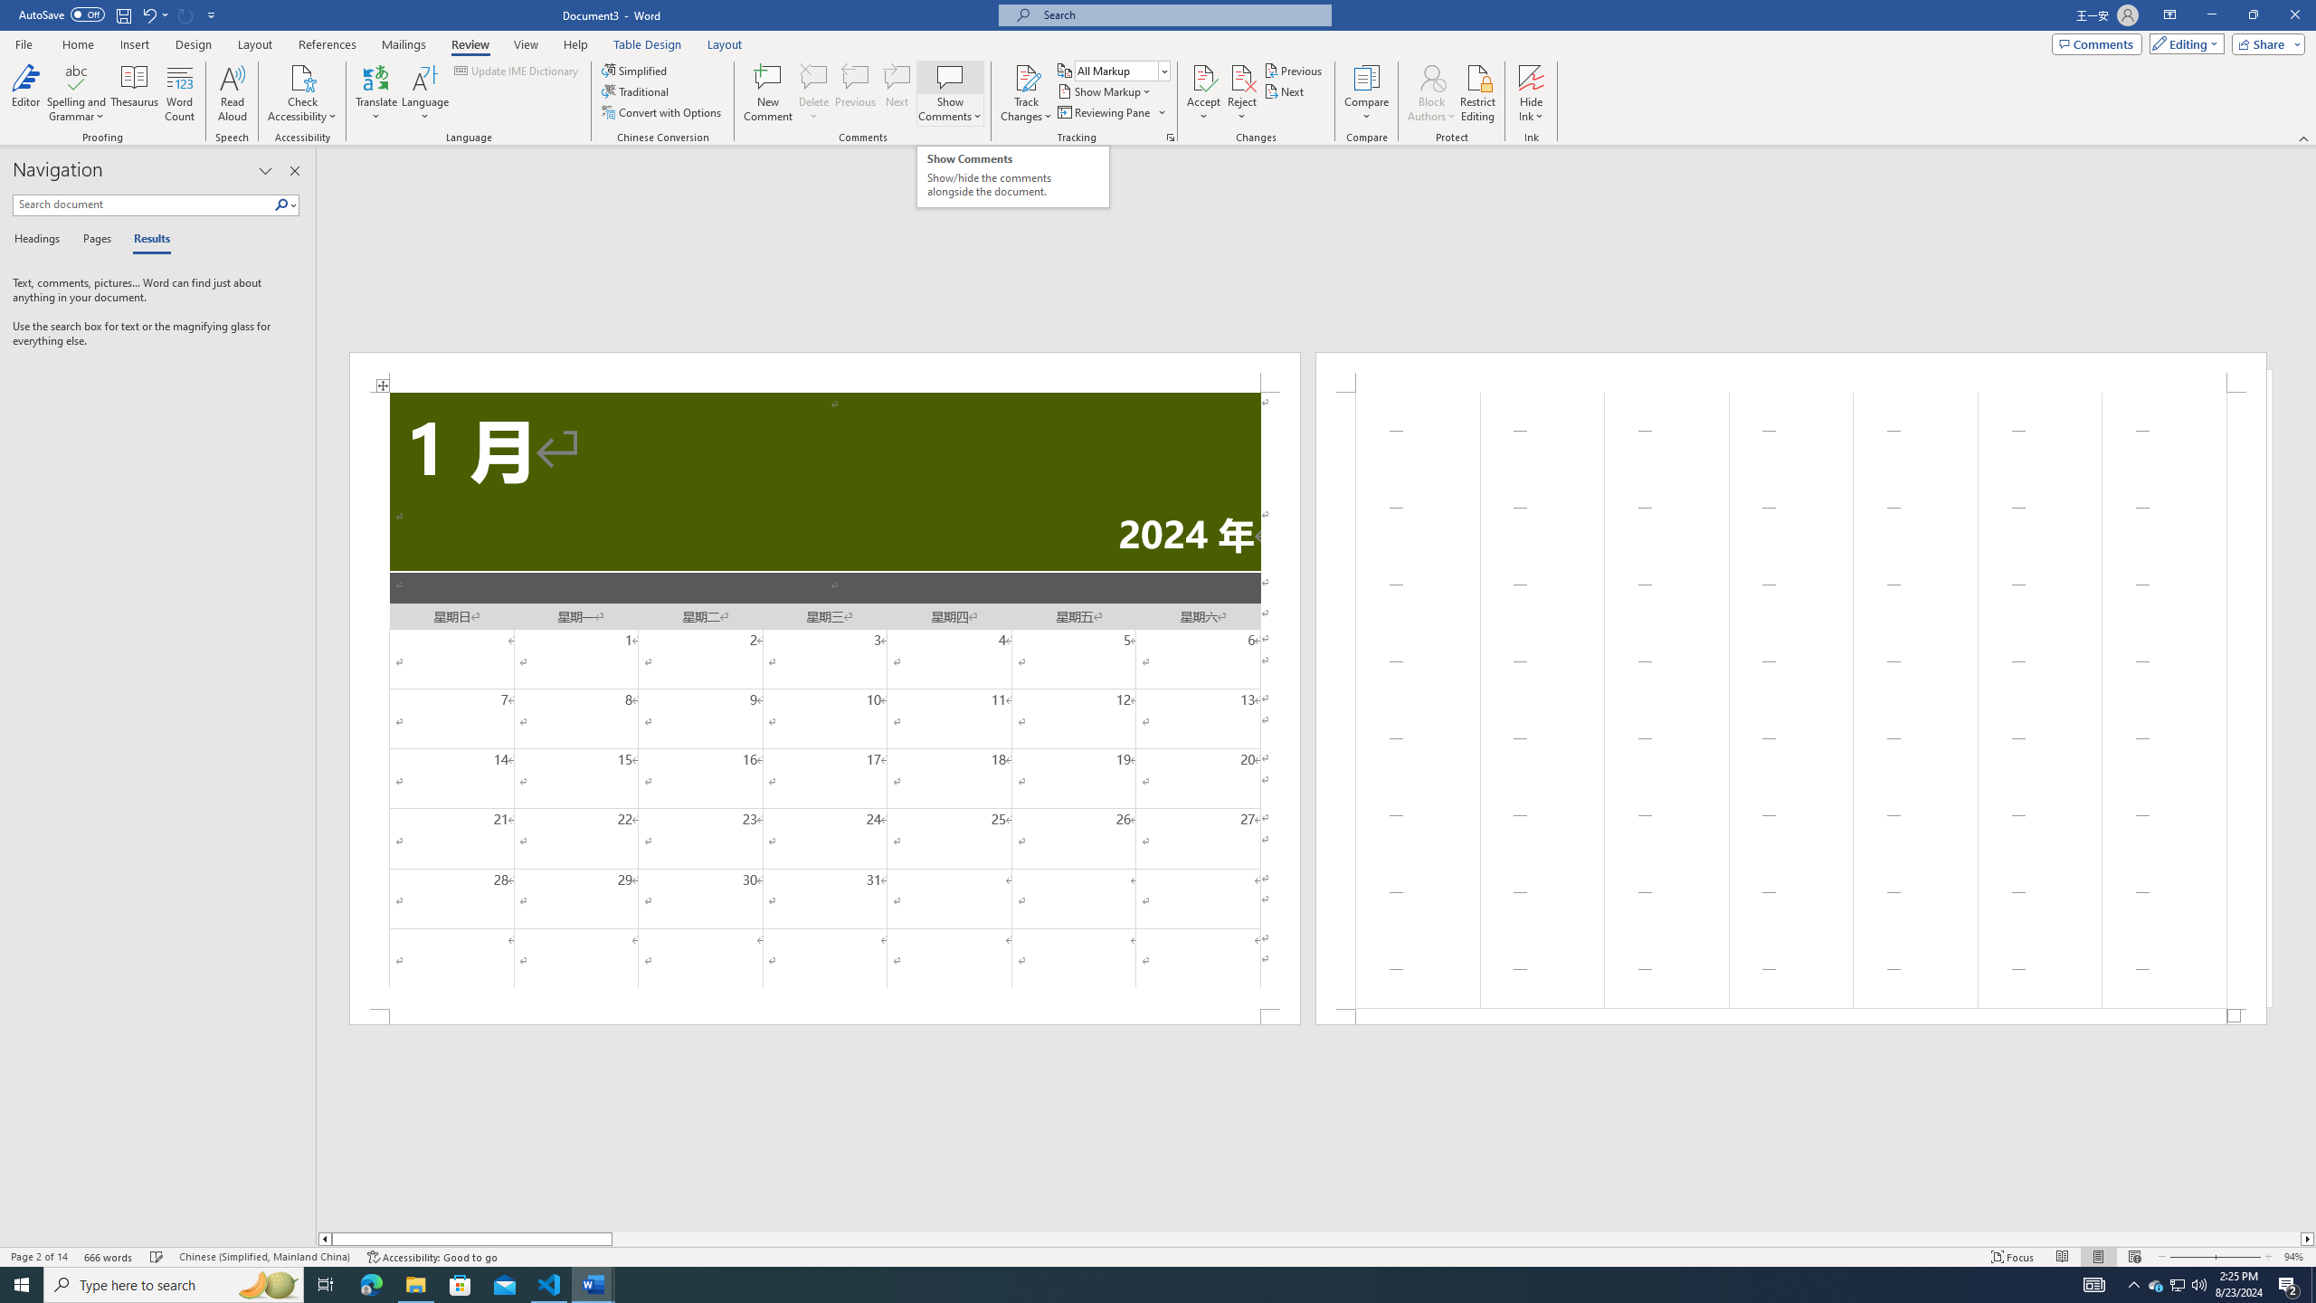 This screenshot has height=1303, width=2316. What do you see at coordinates (517, 70) in the screenshot?
I see `'Update IME Dictionary...'` at bounding box center [517, 70].